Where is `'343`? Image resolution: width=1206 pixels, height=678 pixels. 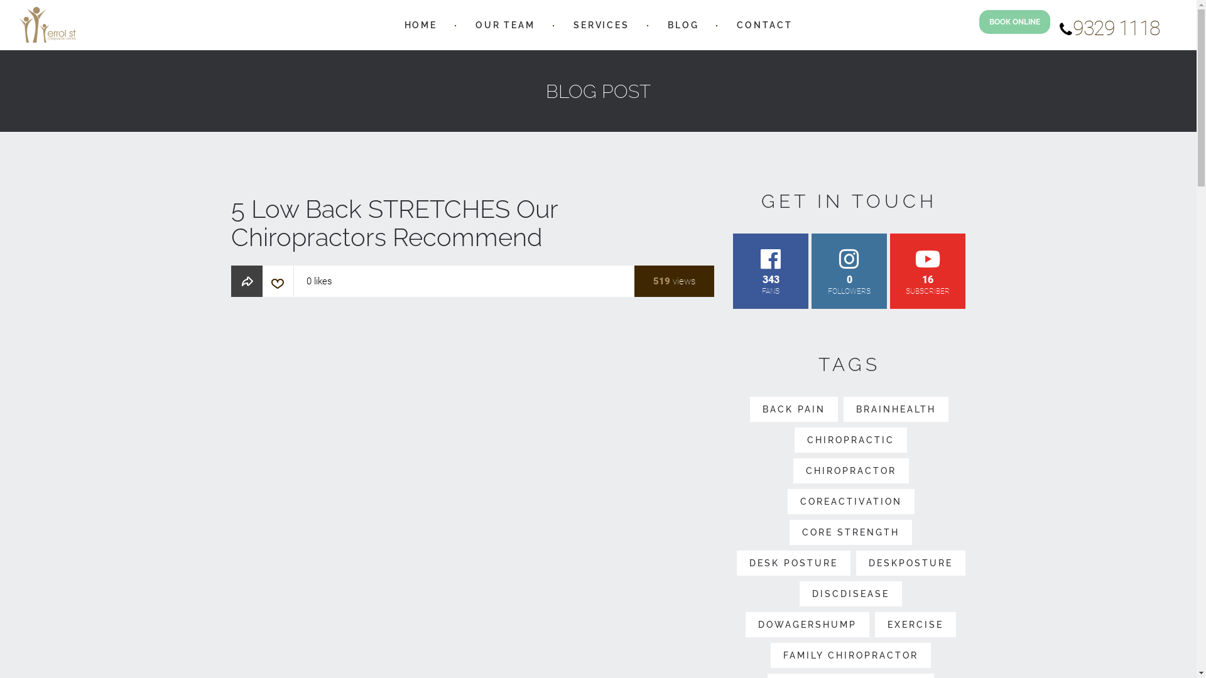 '343 is located at coordinates (732, 271).